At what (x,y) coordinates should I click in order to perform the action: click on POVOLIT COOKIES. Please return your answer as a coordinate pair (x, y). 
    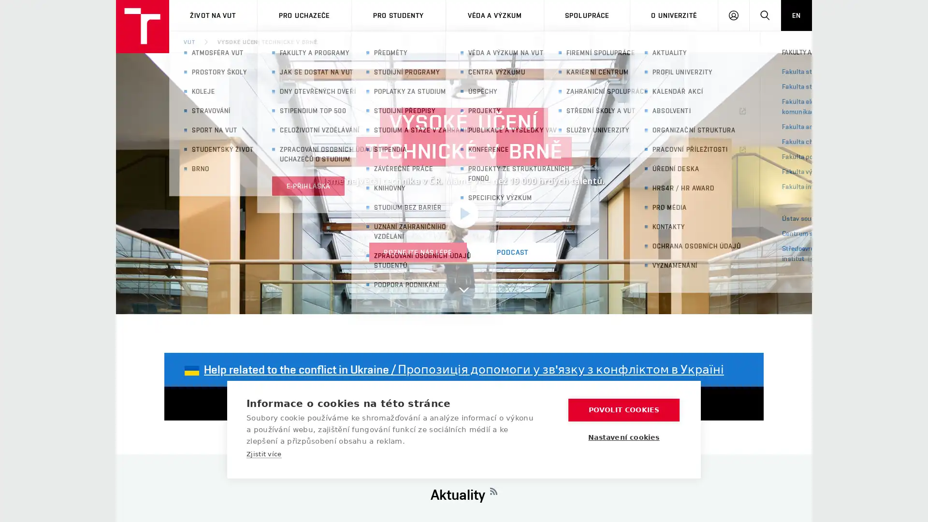
    Looking at the image, I should click on (624, 410).